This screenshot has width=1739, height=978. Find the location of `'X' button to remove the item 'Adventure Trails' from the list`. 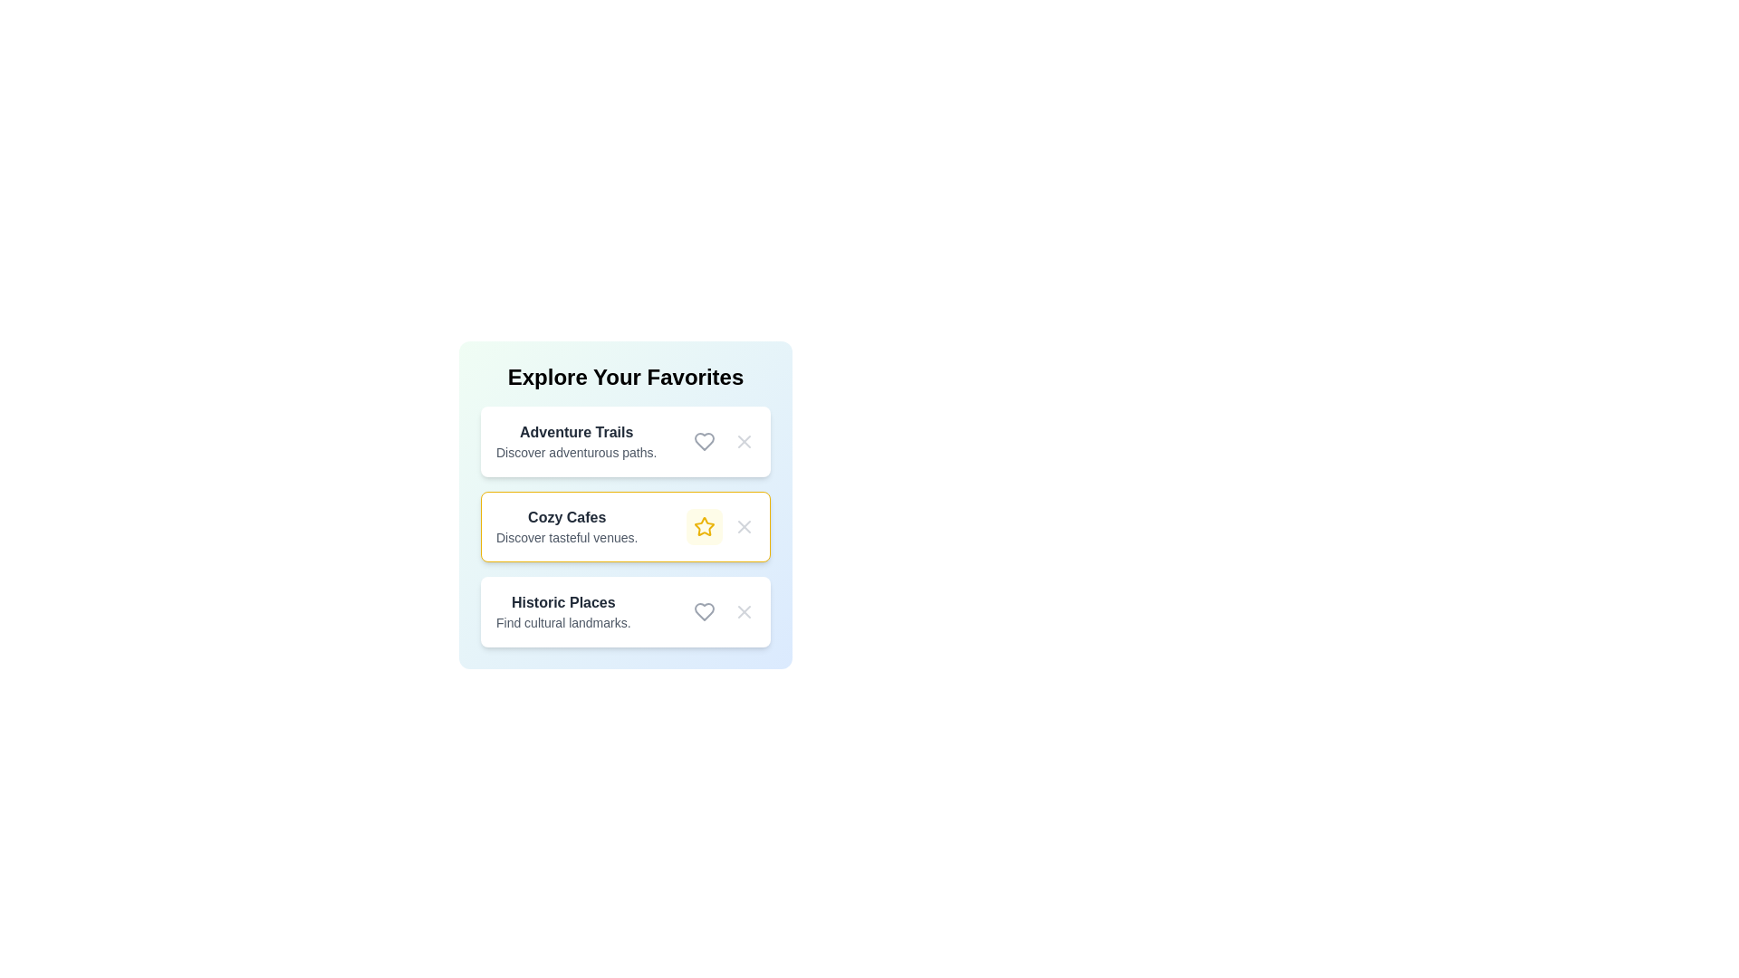

'X' button to remove the item 'Adventure Trails' from the list is located at coordinates (744, 442).